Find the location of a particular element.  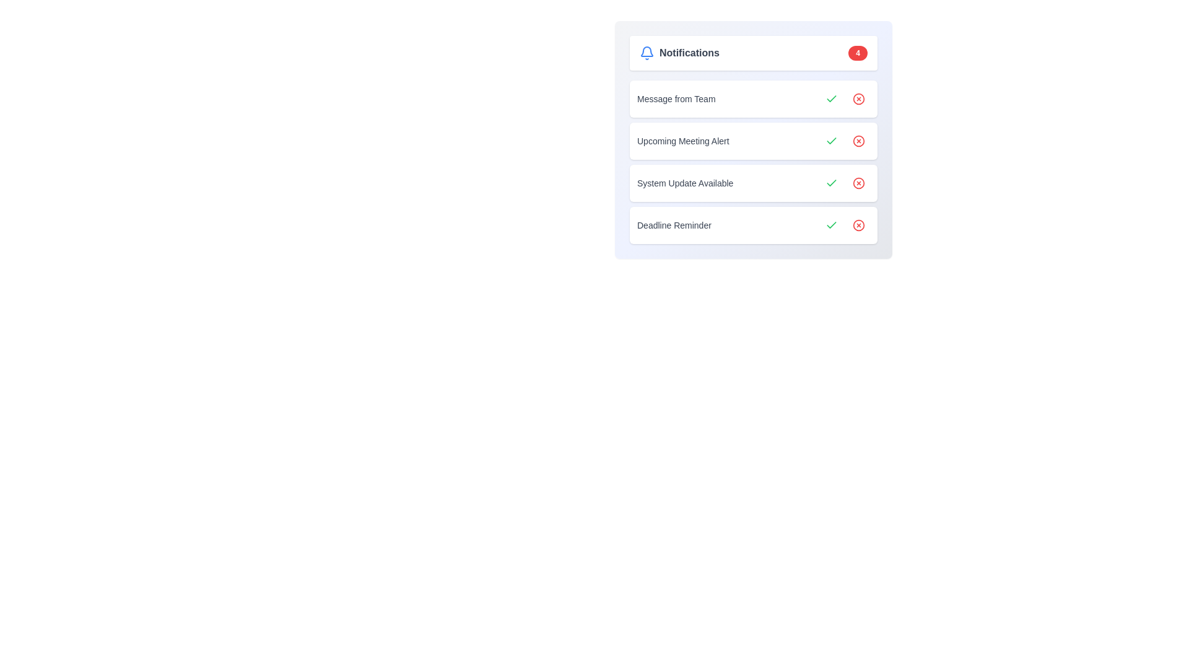

the circular red icon with an 'X' symbol inside is located at coordinates (858, 183).